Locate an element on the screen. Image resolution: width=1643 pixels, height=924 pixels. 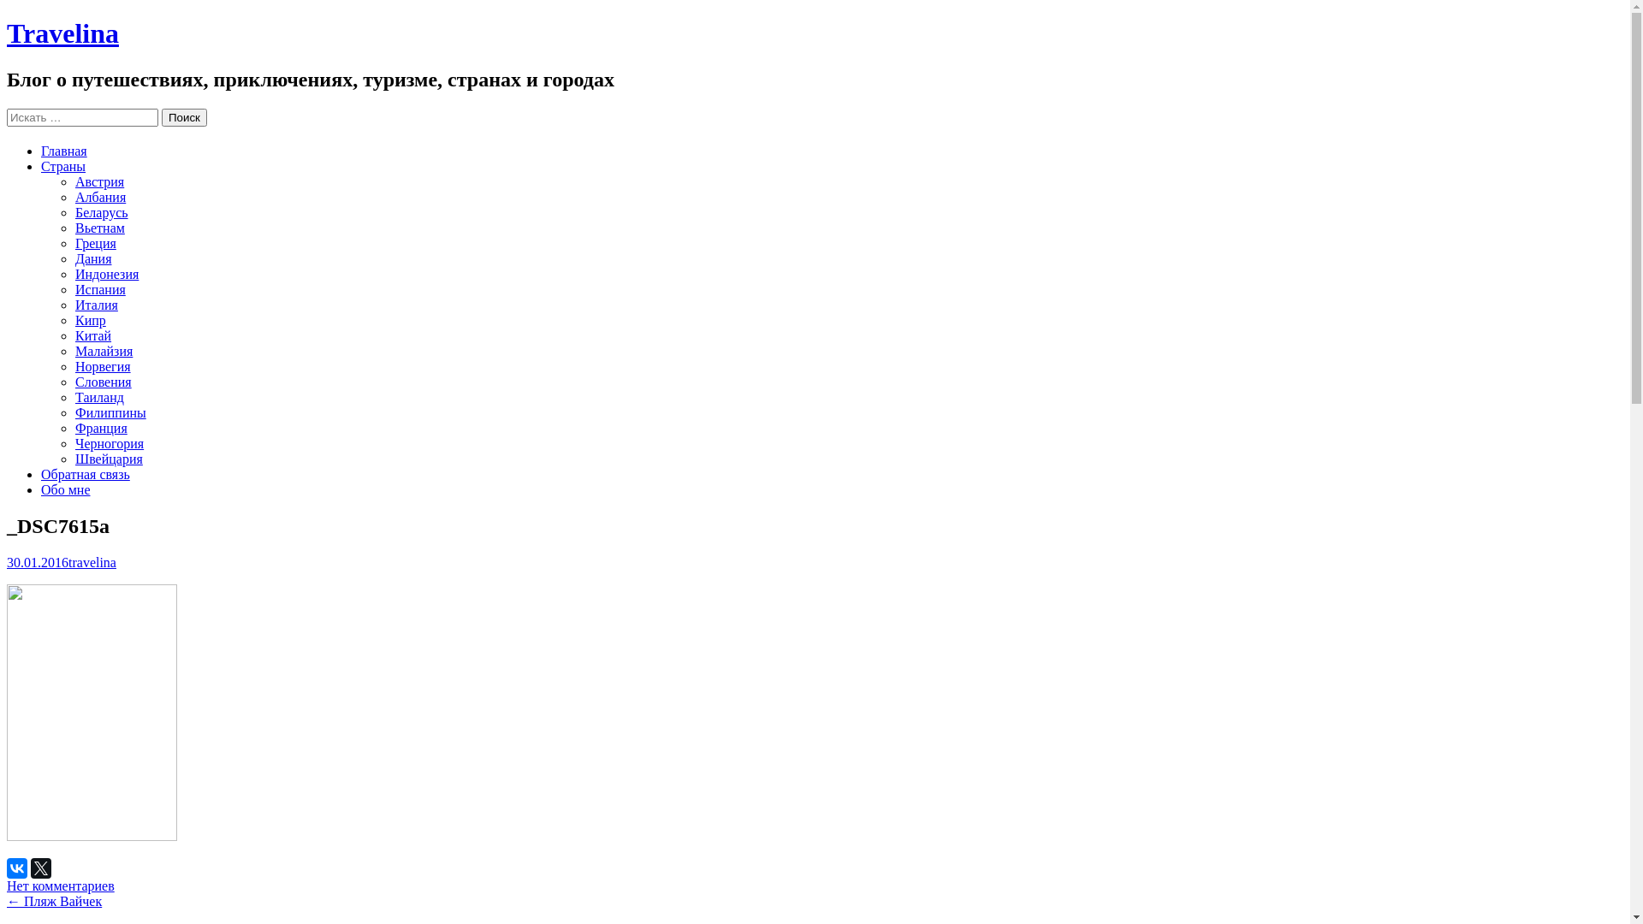
'Travelina' is located at coordinates (62, 33).